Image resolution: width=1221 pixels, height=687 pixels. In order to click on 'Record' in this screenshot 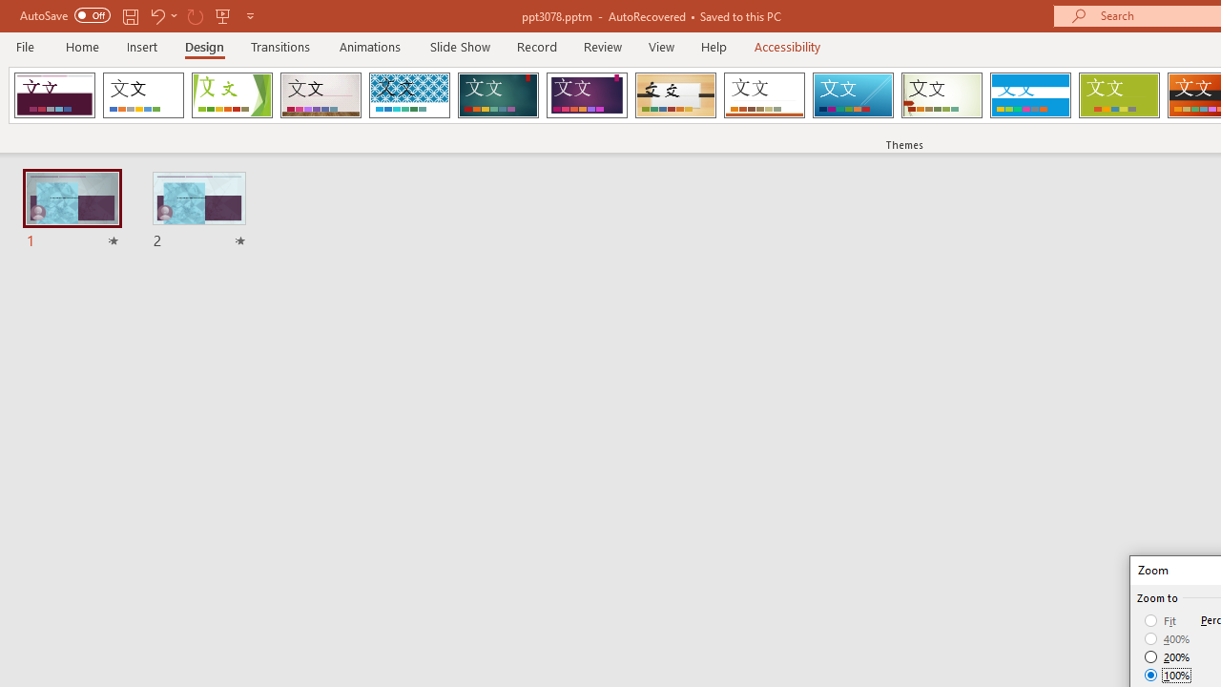, I will do `click(535, 46)`.